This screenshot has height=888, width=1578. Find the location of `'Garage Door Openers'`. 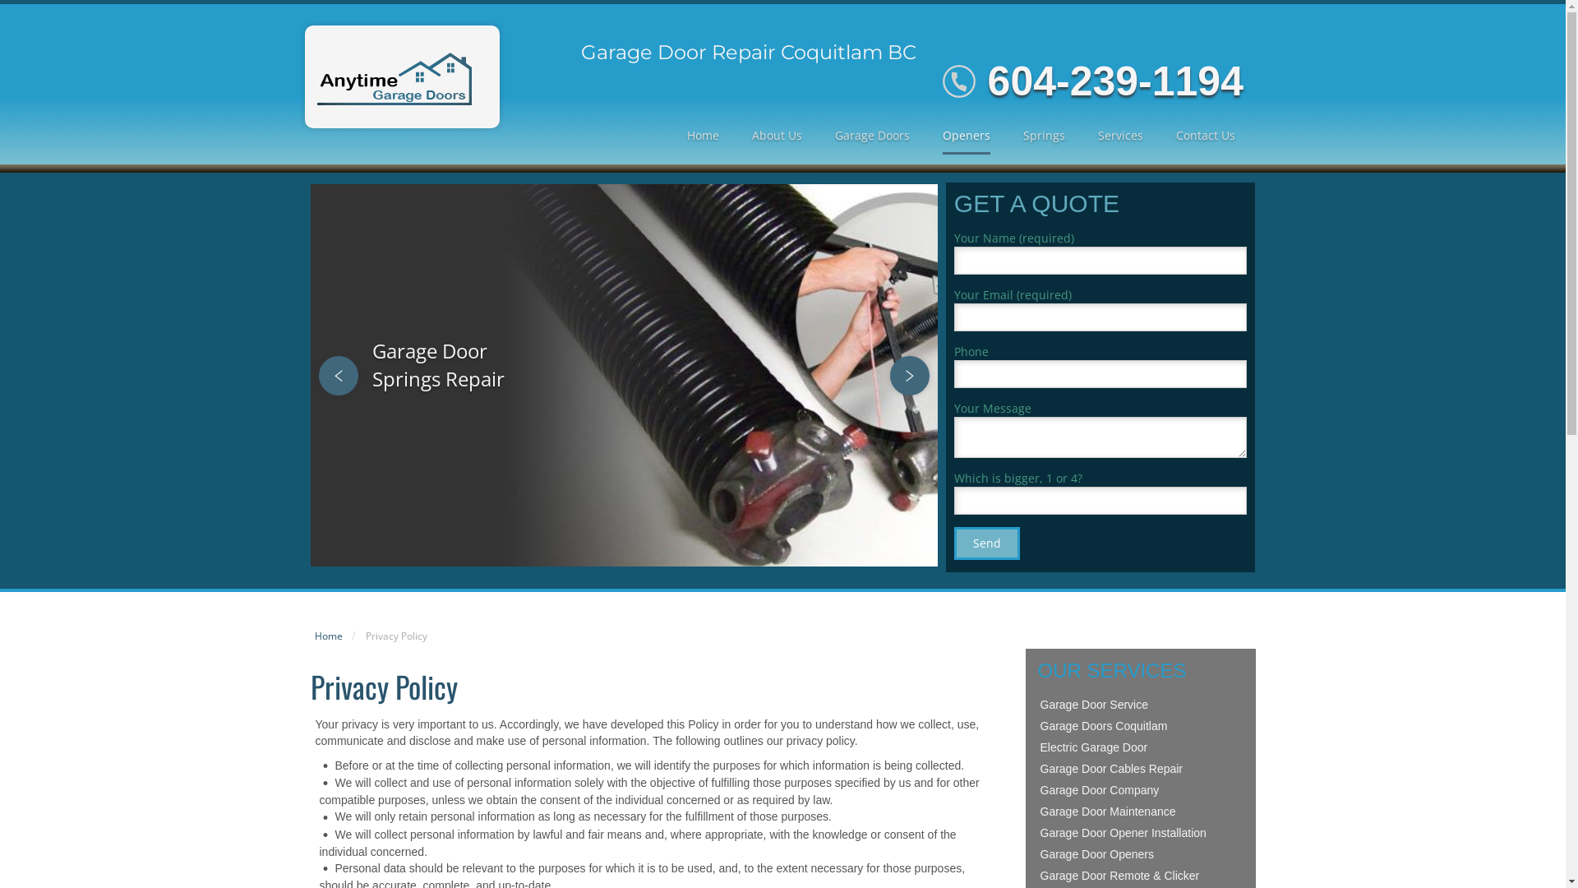

'Garage Door Openers' is located at coordinates (1036, 853).